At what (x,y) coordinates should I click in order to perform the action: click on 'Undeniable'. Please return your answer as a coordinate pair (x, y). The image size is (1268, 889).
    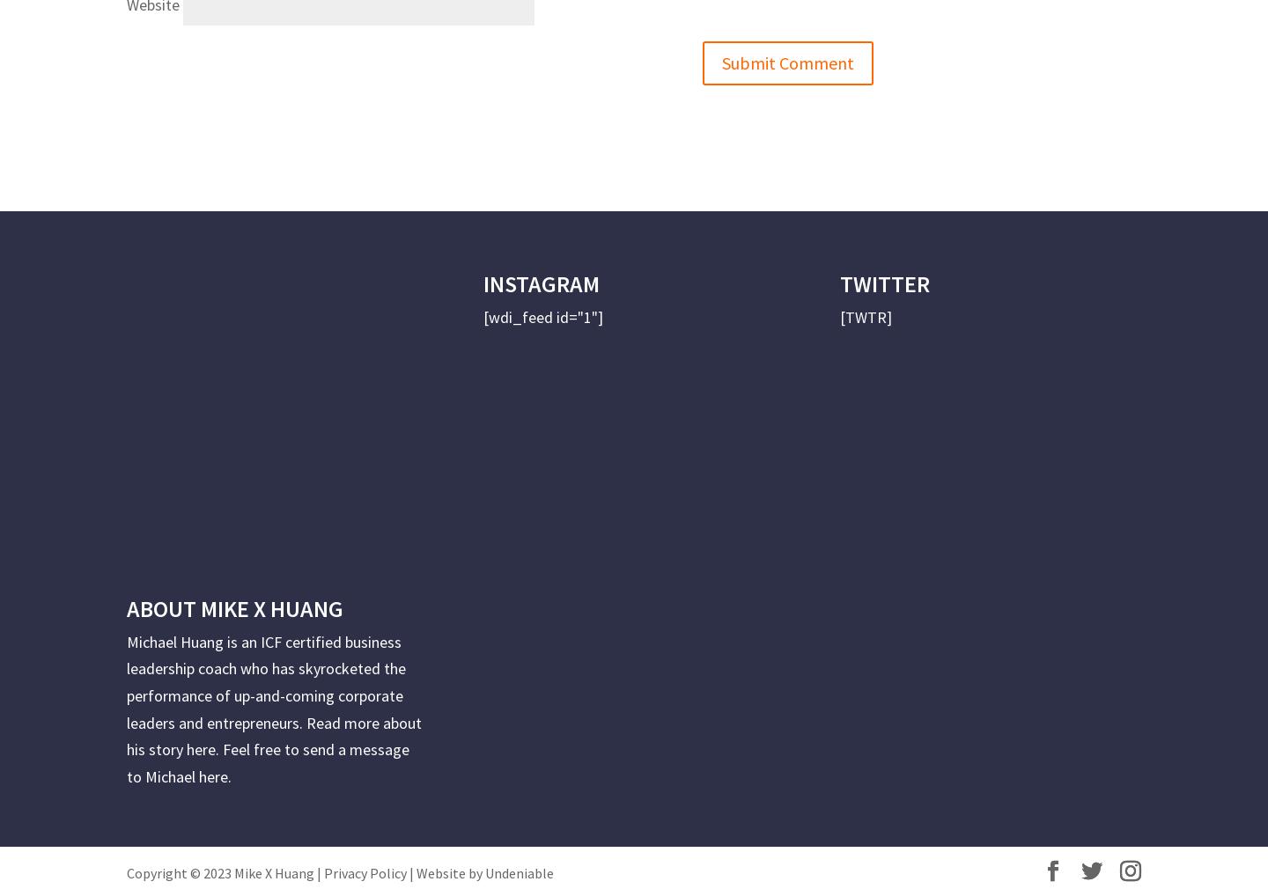
    Looking at the image, I should click on (519, 872).